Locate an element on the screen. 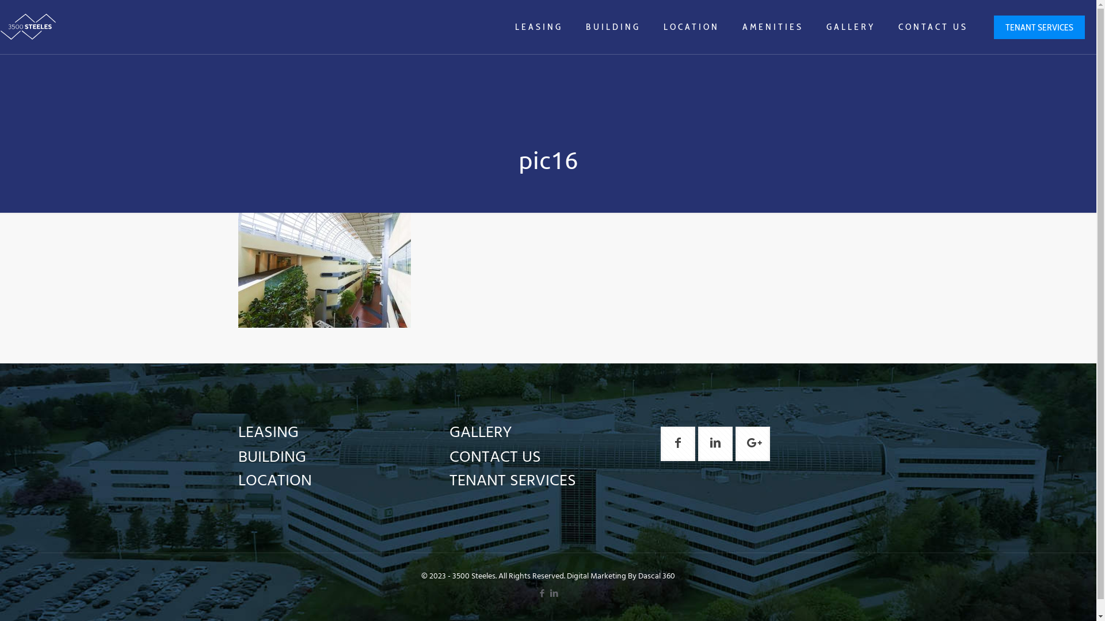 The width and height of the screenshot is (1105, 621). 'BUILDING' is located at coordinates (612, 26).